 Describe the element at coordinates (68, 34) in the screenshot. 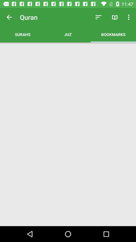

I see `the juz' item` at that location.